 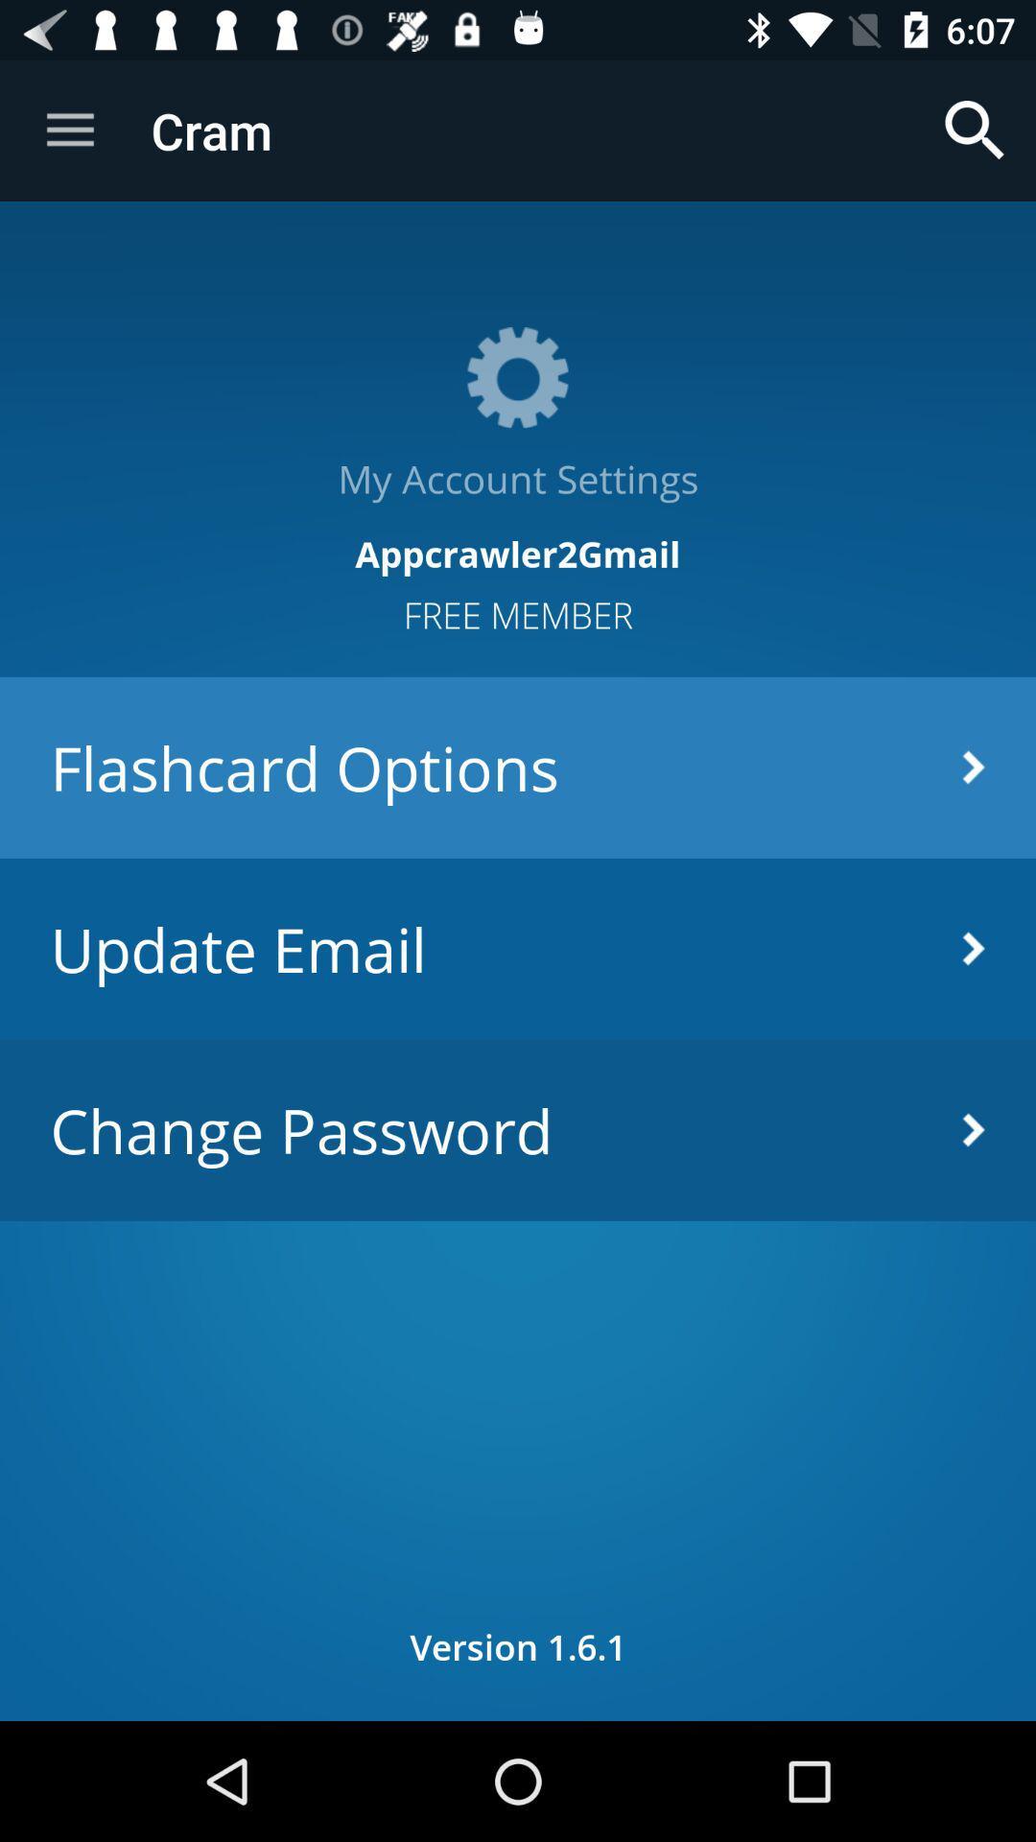 I want to click on the update email, so click(x=518, y=949).